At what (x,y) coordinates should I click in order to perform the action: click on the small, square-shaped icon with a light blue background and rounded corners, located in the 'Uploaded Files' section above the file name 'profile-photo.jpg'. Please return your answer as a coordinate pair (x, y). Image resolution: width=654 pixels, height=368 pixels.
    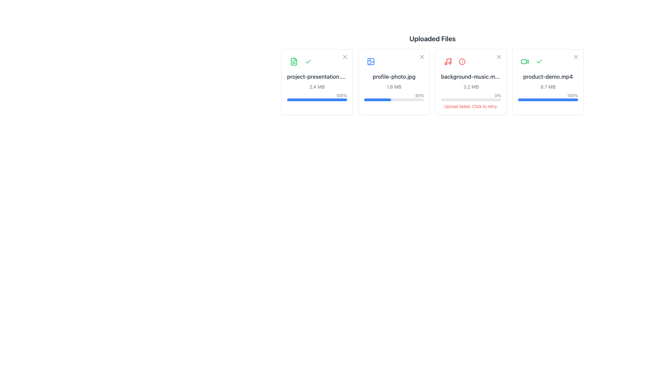
    Looking at the image, I should click on (371, 62).